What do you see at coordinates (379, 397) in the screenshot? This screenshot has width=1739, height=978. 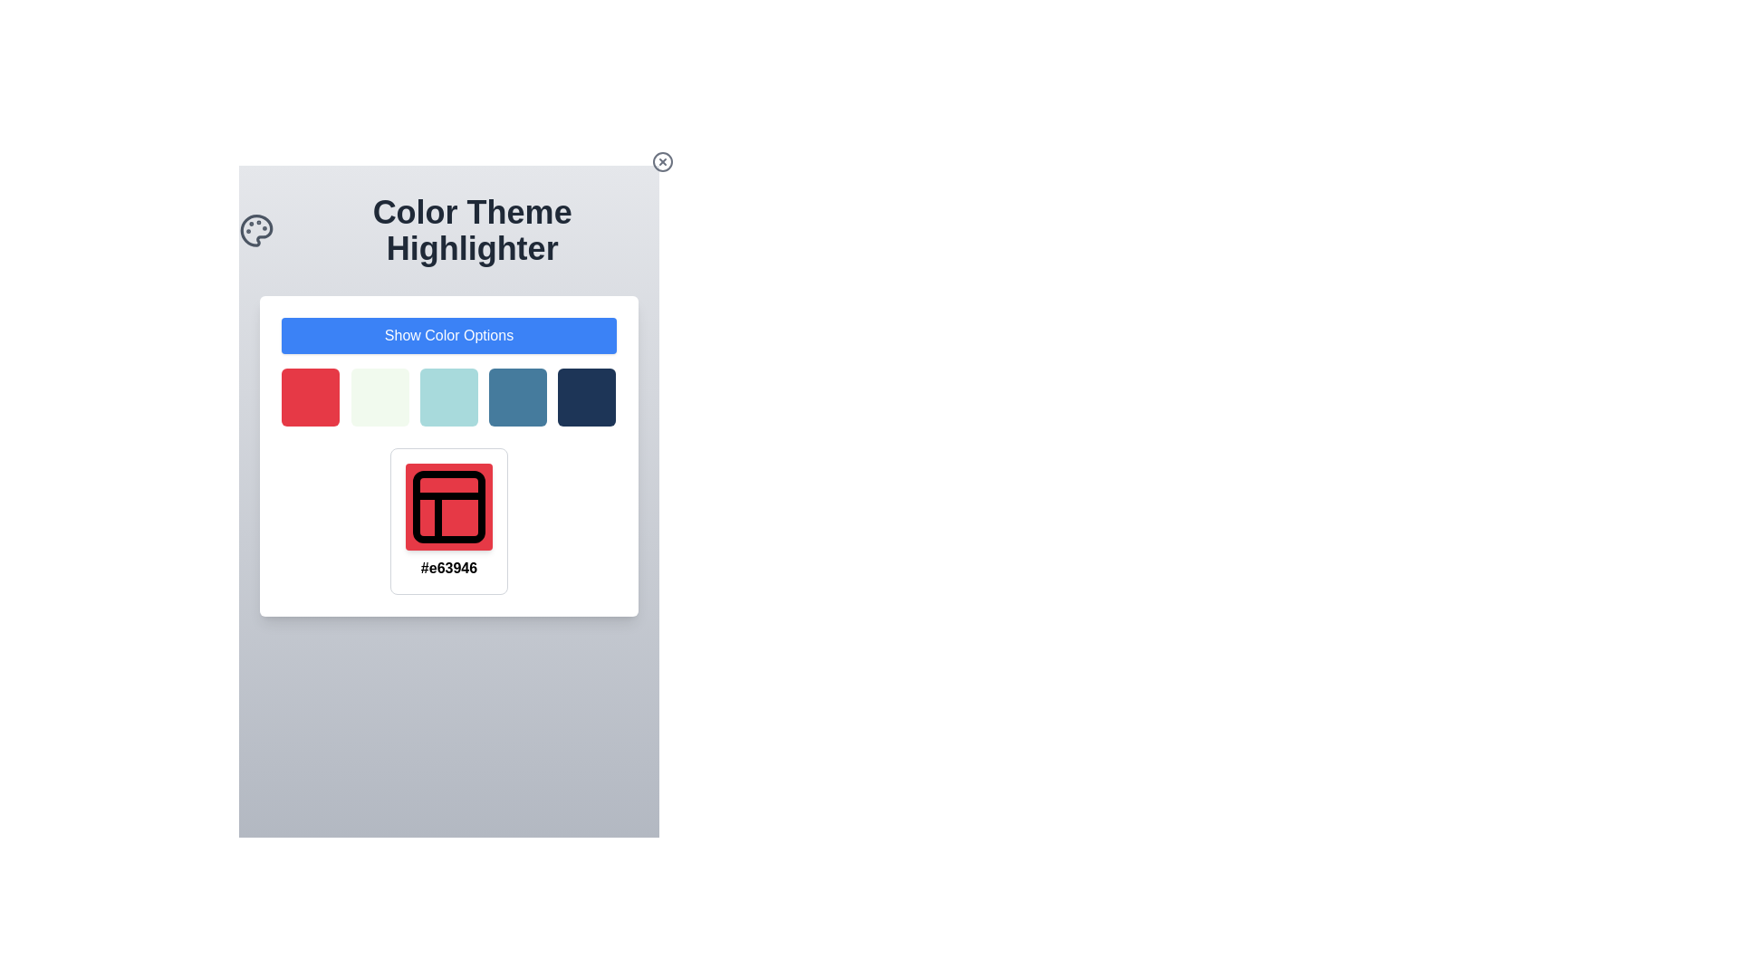 I see `the second interactive rectangular tile from the left in the row of five tiles, which has a soft light green background and rounded corners` at bounding box center [379, 397].